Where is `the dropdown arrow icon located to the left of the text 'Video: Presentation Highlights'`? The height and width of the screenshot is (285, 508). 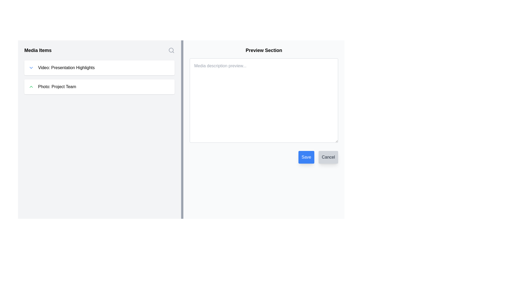
the dropdown arrow icon located to the left of the text 'Video: Presentation Highlights' is located at coordinates (31, 68).